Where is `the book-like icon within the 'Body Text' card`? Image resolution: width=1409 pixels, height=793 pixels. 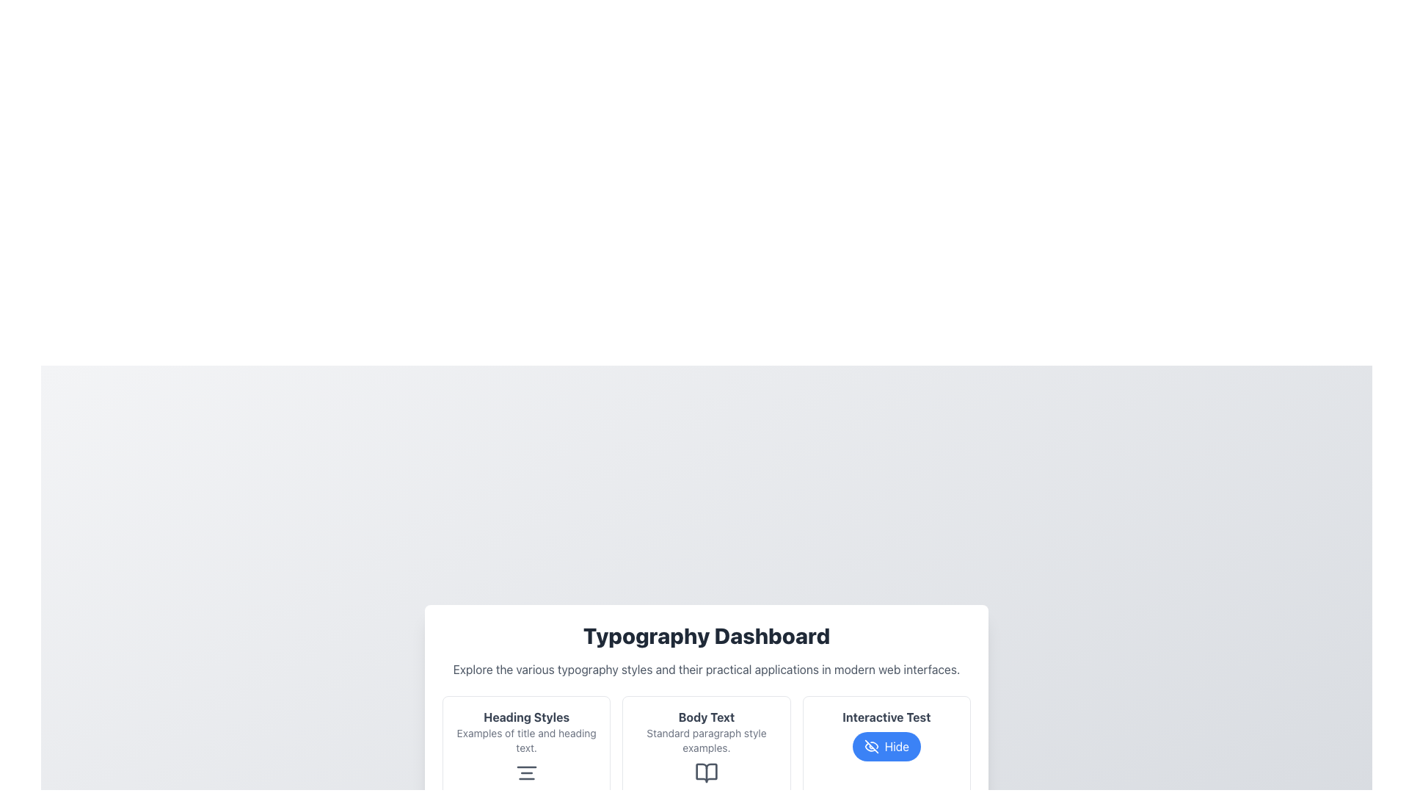 the book-like icon within the 'Body Text' card is located at coordinates (707, 772).